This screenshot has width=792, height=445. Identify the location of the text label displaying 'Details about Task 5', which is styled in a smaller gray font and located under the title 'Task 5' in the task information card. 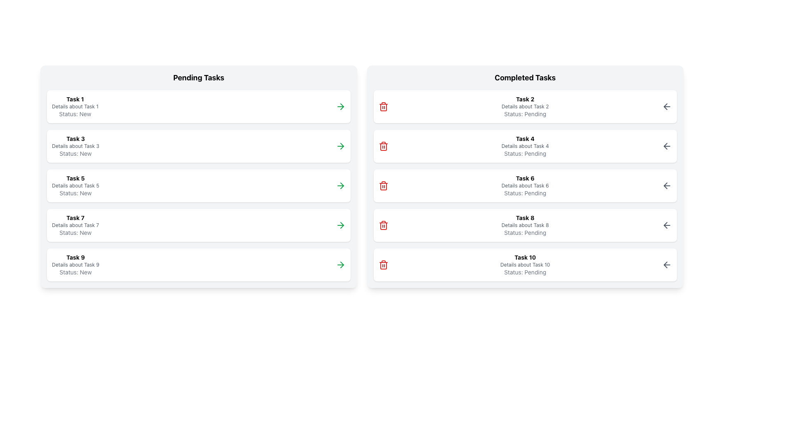
(75, 186).